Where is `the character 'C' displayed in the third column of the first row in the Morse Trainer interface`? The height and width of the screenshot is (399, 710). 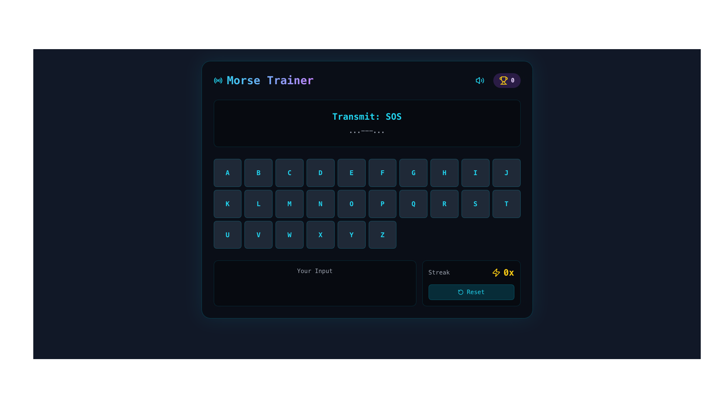
the character 'C' displayed in the third column of the first row in the Morse Trainer interface is located at coordinates (289, 173).